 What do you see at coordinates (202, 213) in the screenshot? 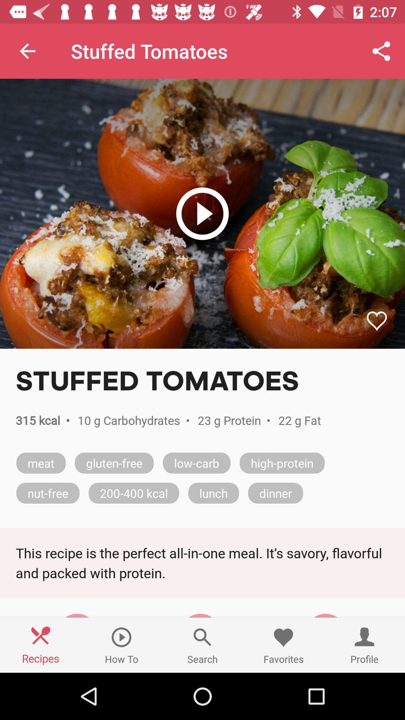
I see `the icon below the stuffed tomatoes icon` at bounding box center [202, 213].